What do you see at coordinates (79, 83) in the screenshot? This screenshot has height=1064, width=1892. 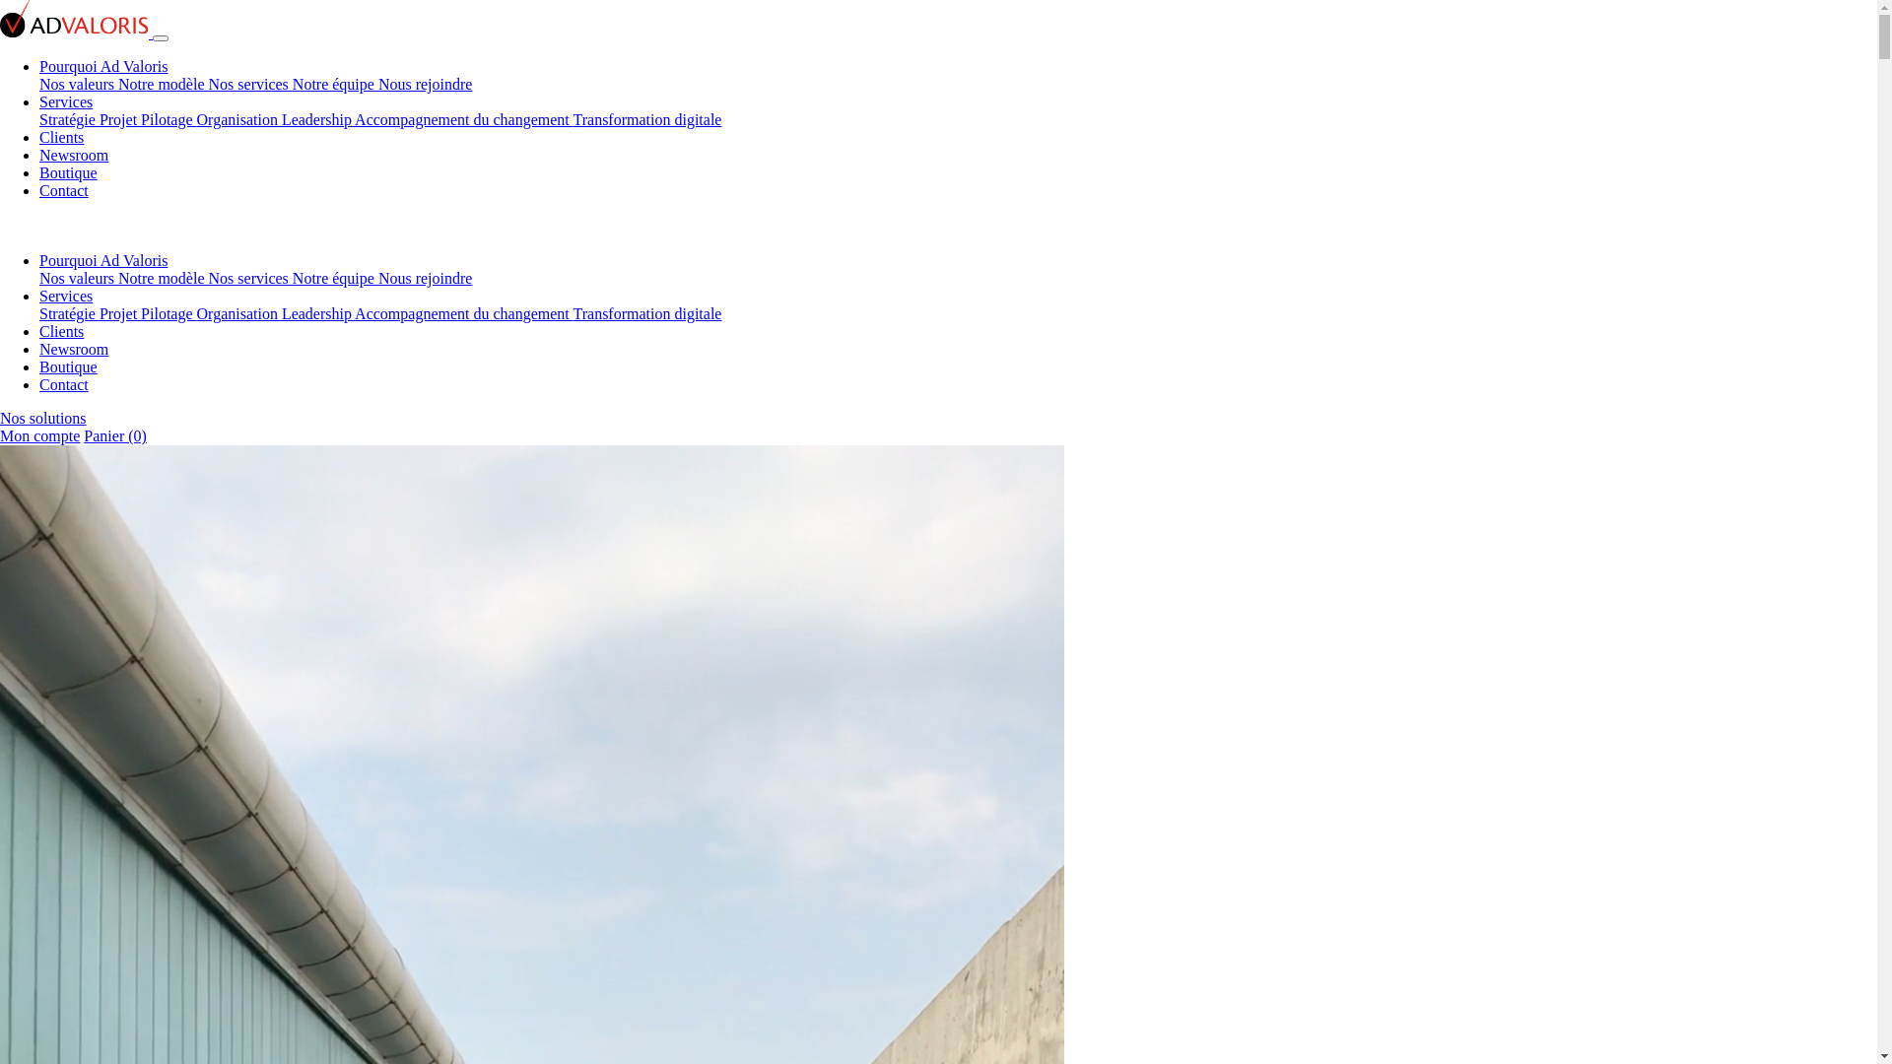 I see `'Nos valeurs'` at bounding box center [79, 83].